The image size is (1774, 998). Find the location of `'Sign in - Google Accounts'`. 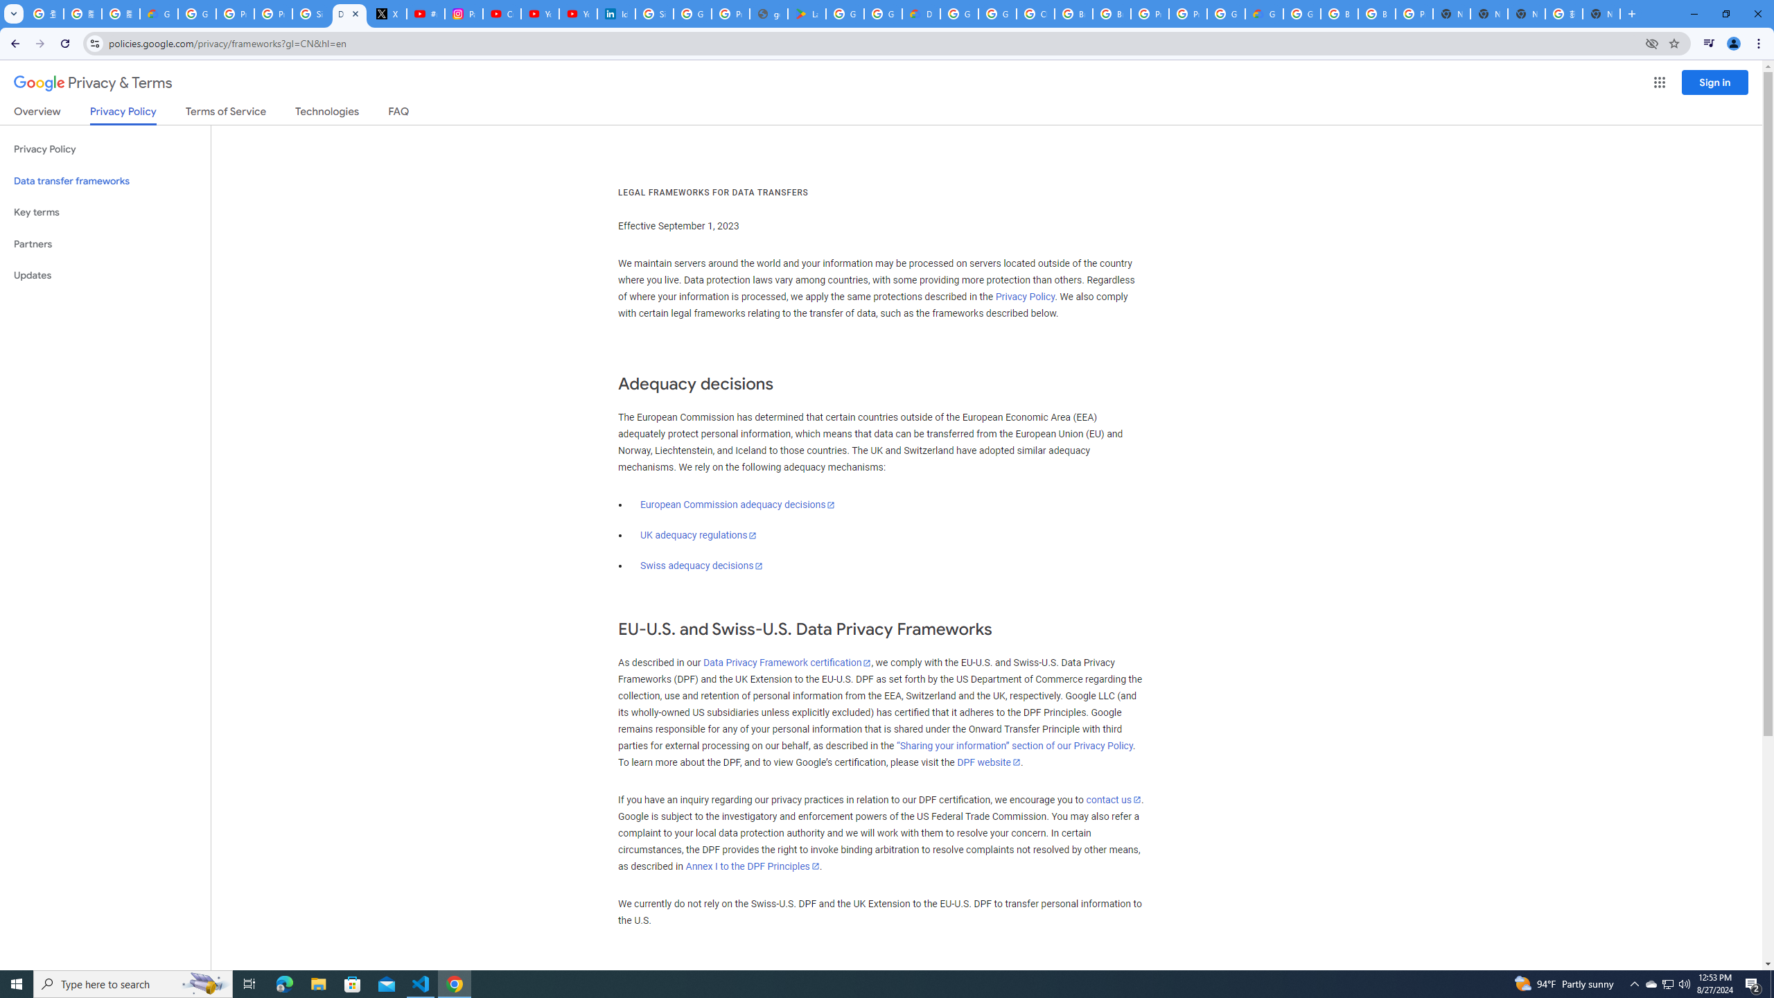

'Sign in - Google Accounts' is located at coordinates (310, 13).